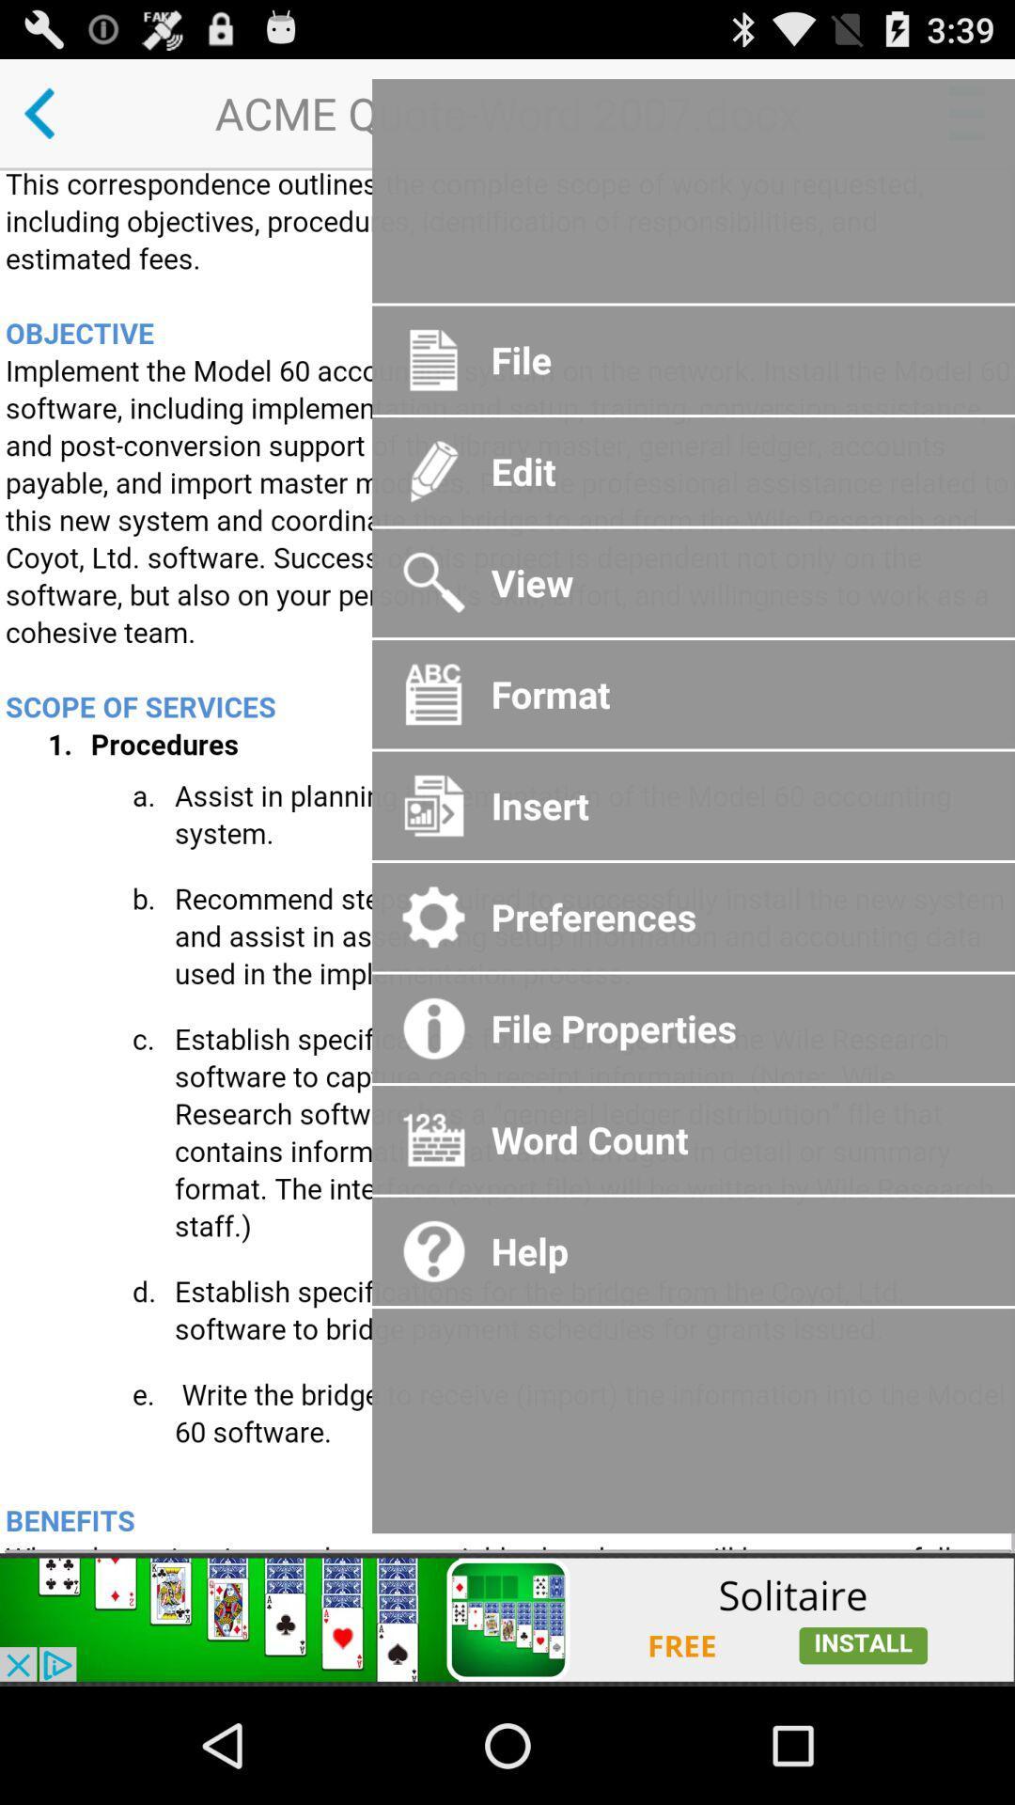 The width and height of the screenshot is (1015, 1805). Describe the element at coordinates (53, 120) in the screenshot. I see `the arrow_backward icon` at that location.